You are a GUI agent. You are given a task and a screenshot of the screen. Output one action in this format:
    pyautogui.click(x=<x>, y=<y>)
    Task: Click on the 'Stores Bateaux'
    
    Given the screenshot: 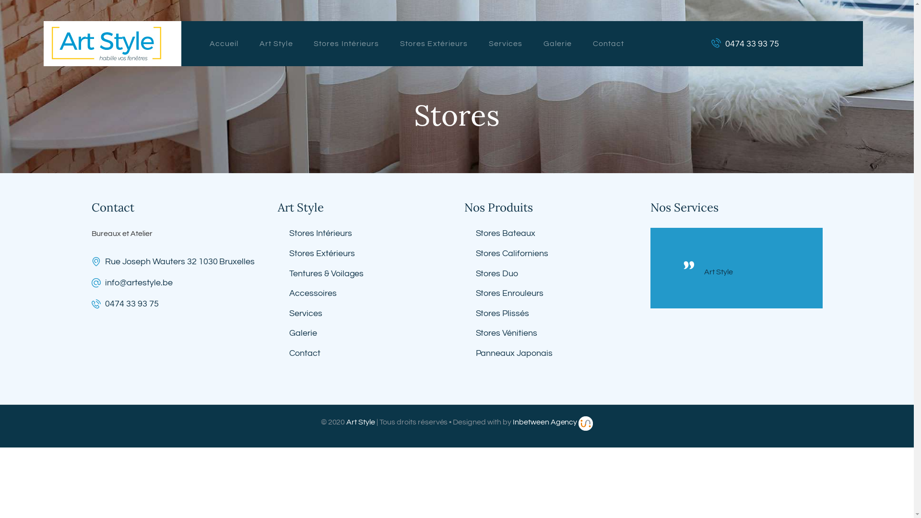 What is the action you would take?
    pyautogui.click(x=505, y=233)
    